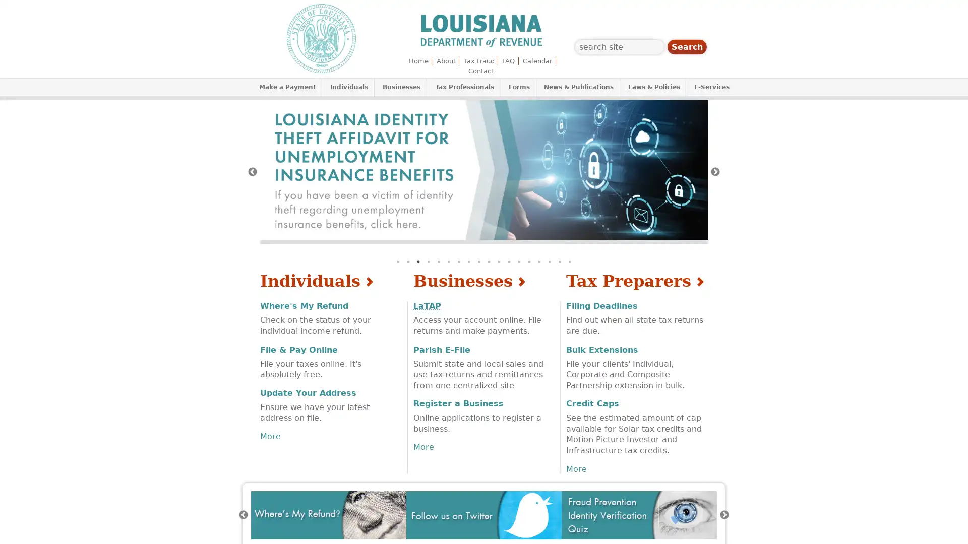  I want to click on 14, so click(529, 261).